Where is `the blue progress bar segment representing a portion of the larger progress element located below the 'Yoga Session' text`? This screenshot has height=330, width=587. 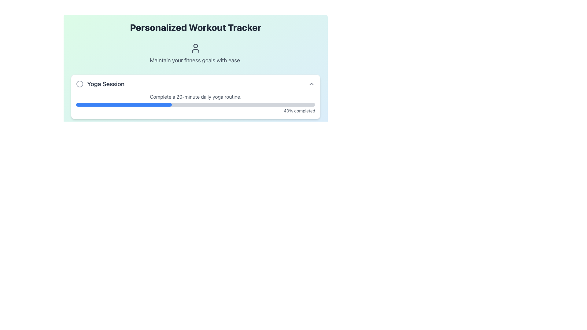 the blue progress bar segment representing a portion of the larger progress element located below the 'Yoga Session' text is located at coordinates (124, 105).